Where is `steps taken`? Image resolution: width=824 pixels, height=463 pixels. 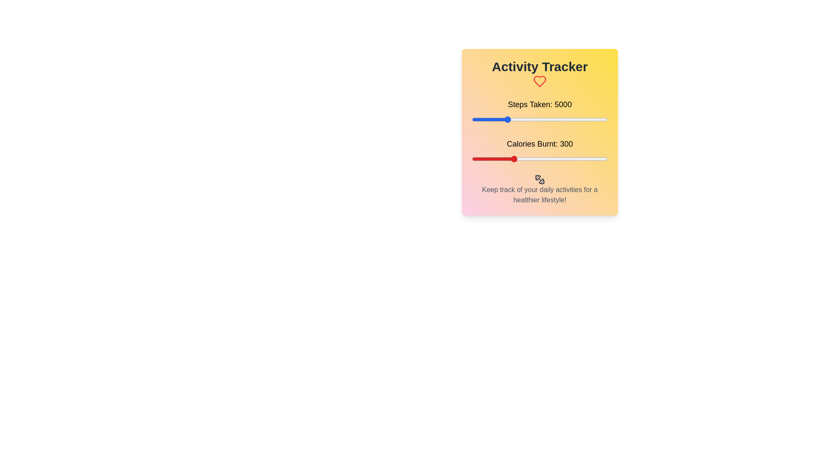 steps taken is located at coordinates (546, 119).